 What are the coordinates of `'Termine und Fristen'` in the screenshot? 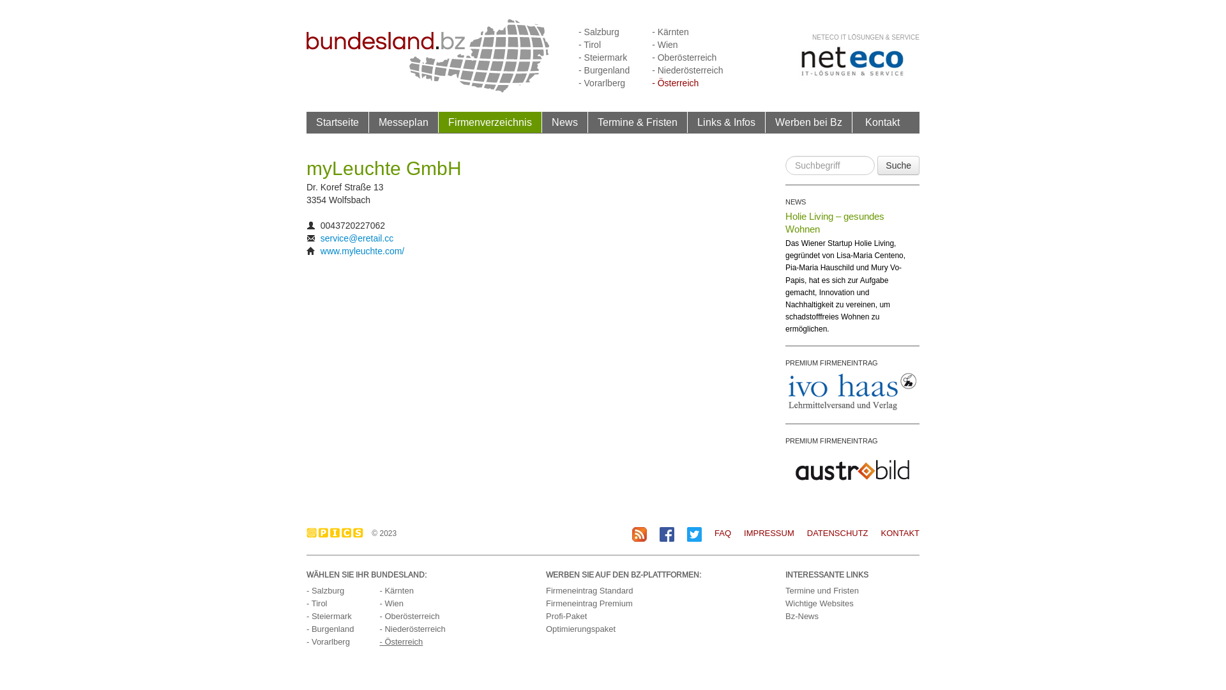 It's located at (822, 590).